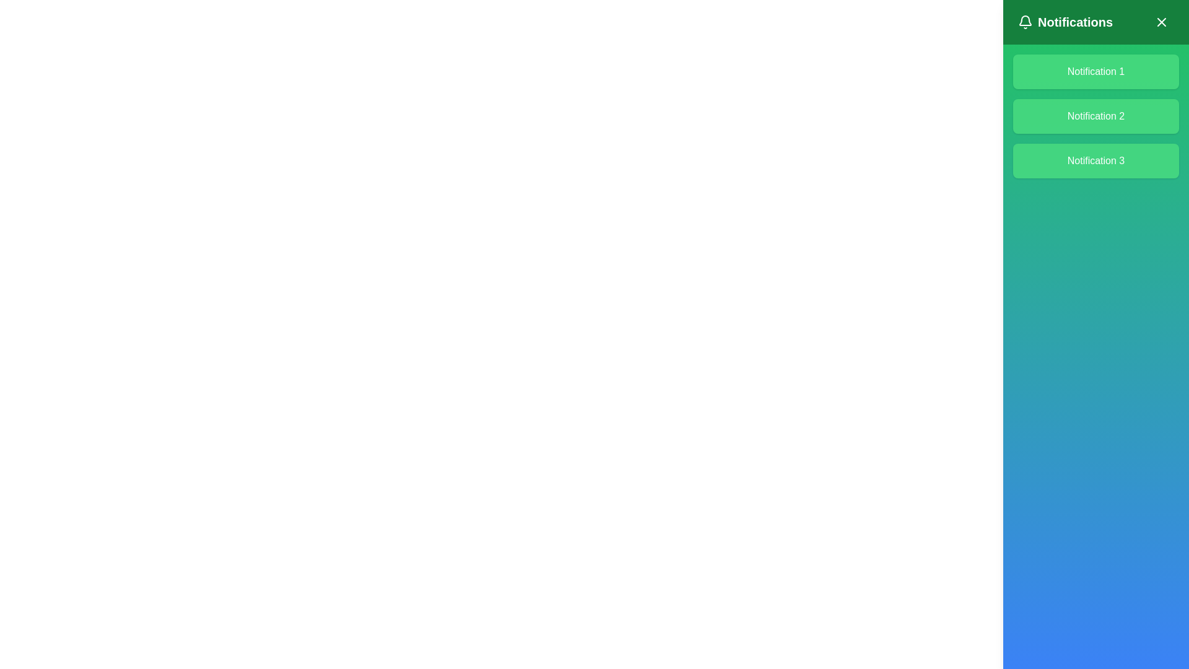  Describe the element at coordinates (1161, 22) in the screenshot. I see `the diagonal line forming part of the close ('X') icon located at the top right corner of the notification panel` at that location.